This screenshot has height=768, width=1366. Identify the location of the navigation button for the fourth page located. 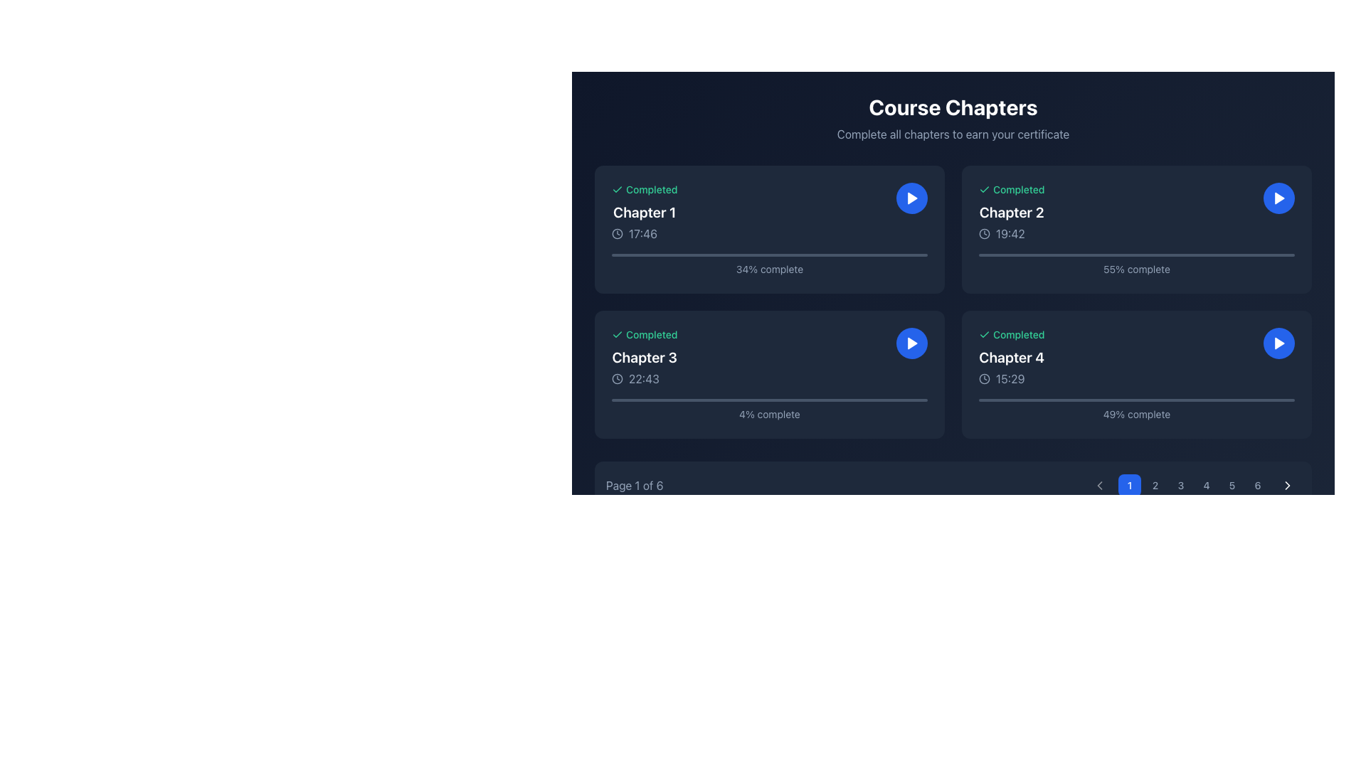
(1194, 484).